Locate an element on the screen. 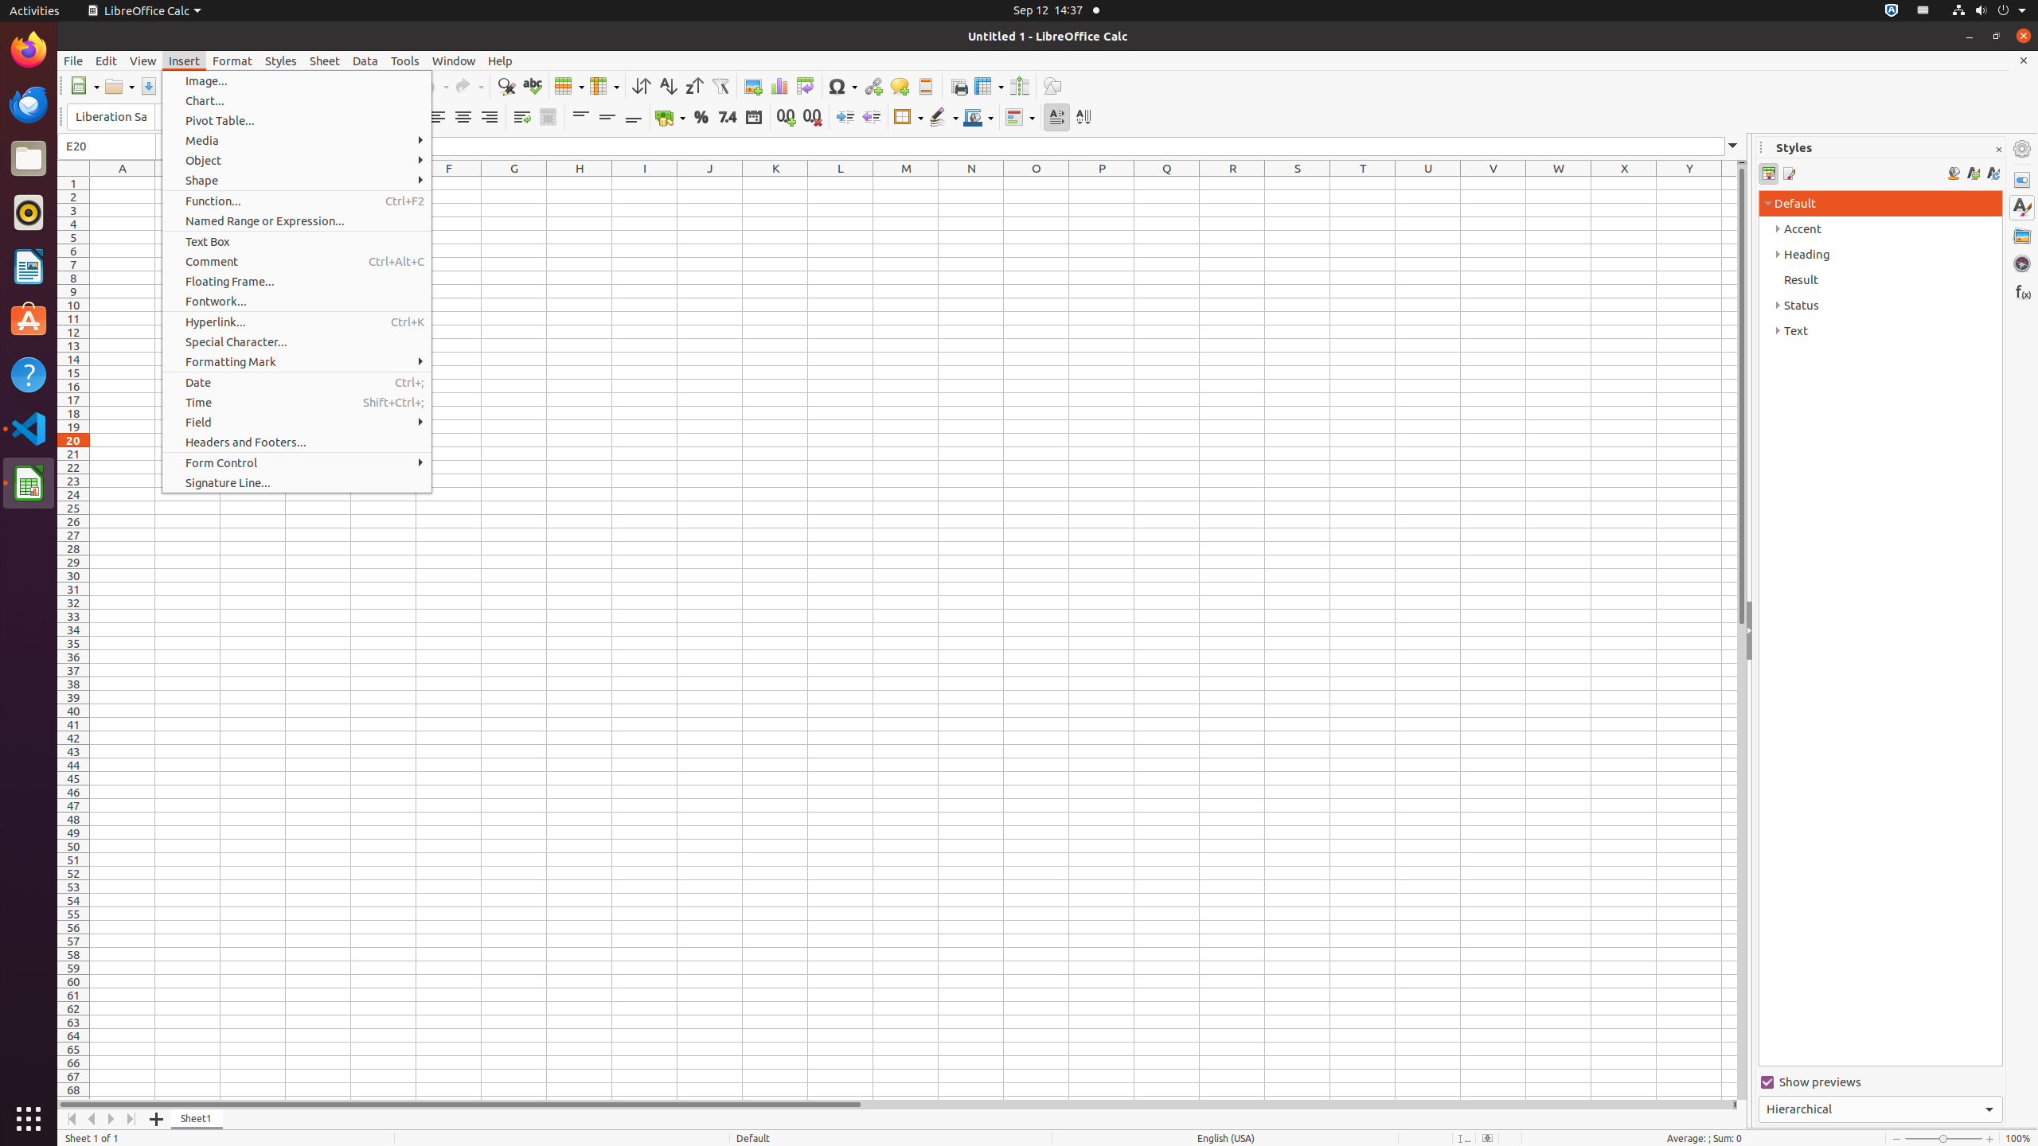  'Cell Styles' is located at coordinates (1768, 173).